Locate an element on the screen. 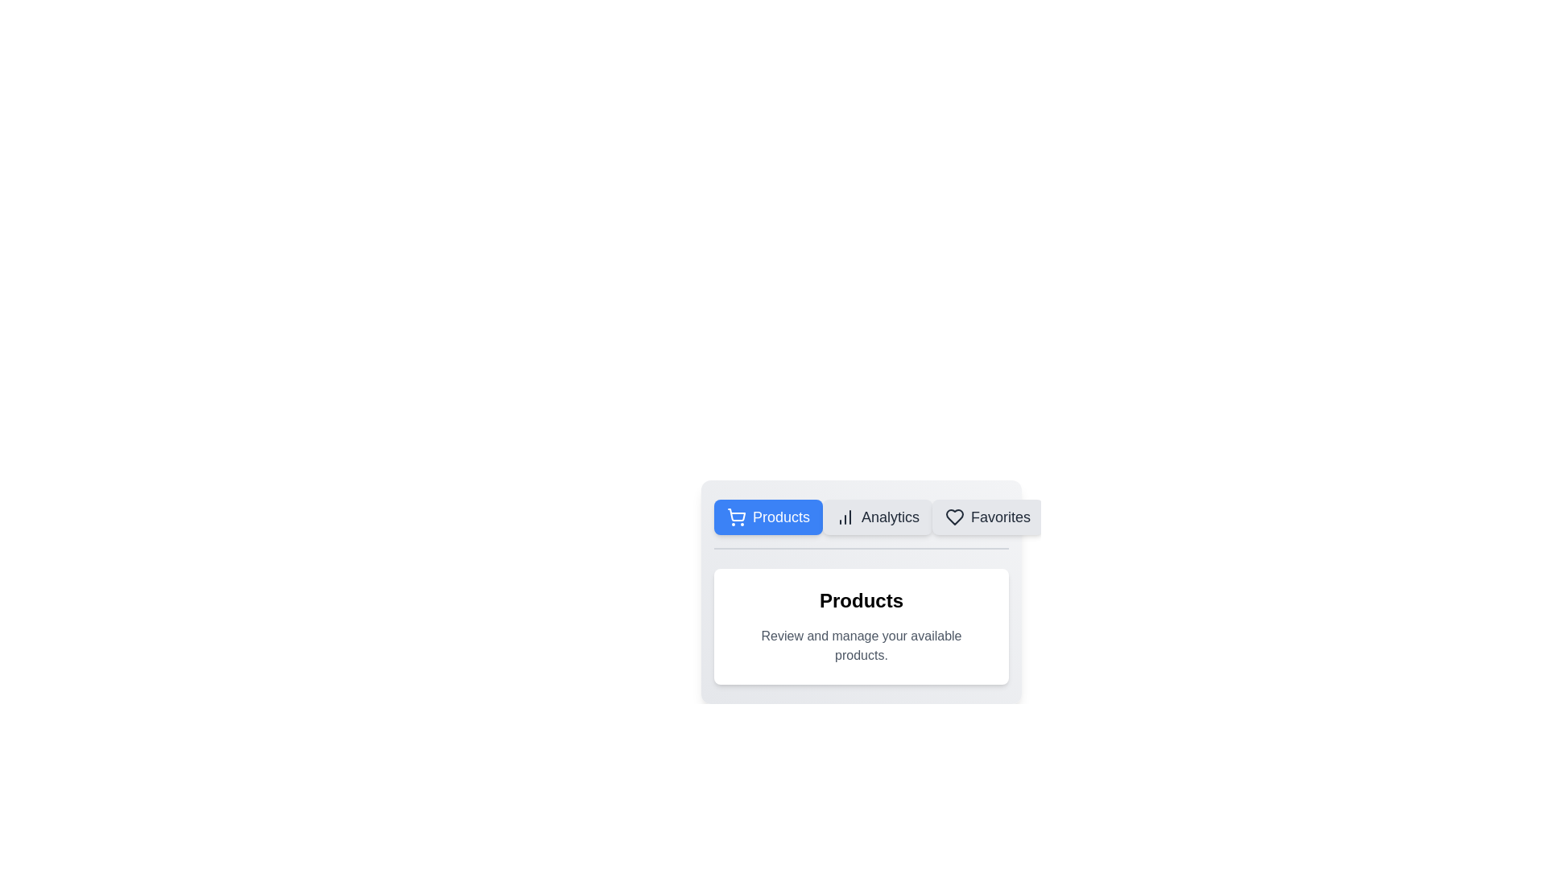  the 'Favorites' button, which is a rectangular button with rounded corners, light gray background, and dark gray text, located at the far right of a row of buttons is located at coordinates (987, 517).